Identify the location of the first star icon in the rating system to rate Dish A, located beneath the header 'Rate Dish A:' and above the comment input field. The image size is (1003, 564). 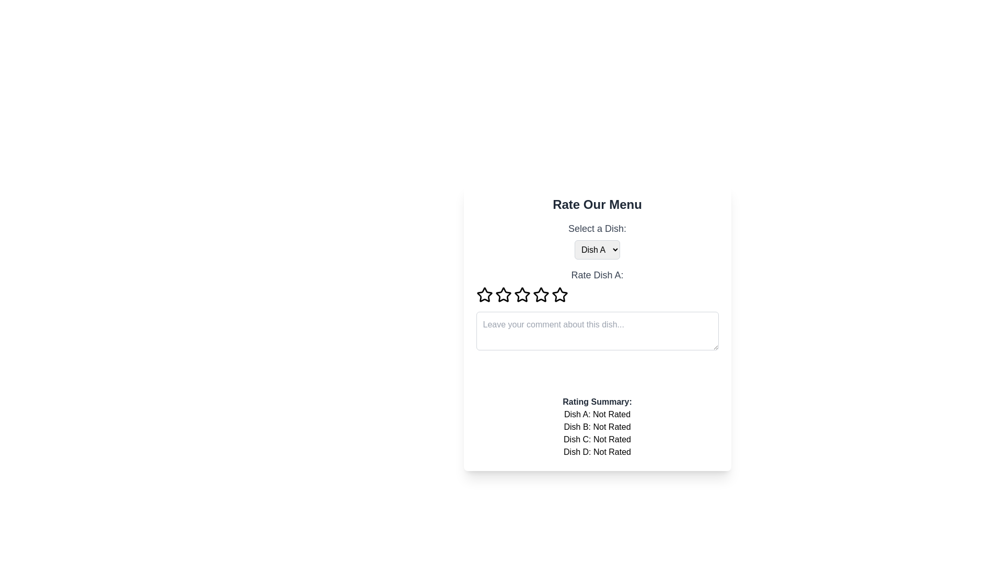
(483, 294).